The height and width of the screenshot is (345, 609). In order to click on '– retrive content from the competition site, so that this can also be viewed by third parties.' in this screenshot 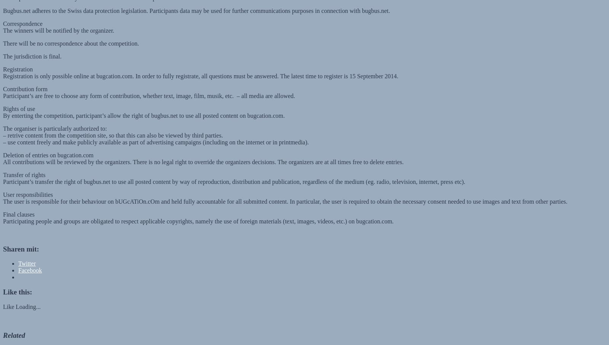, I will do `click(113, 128)`.